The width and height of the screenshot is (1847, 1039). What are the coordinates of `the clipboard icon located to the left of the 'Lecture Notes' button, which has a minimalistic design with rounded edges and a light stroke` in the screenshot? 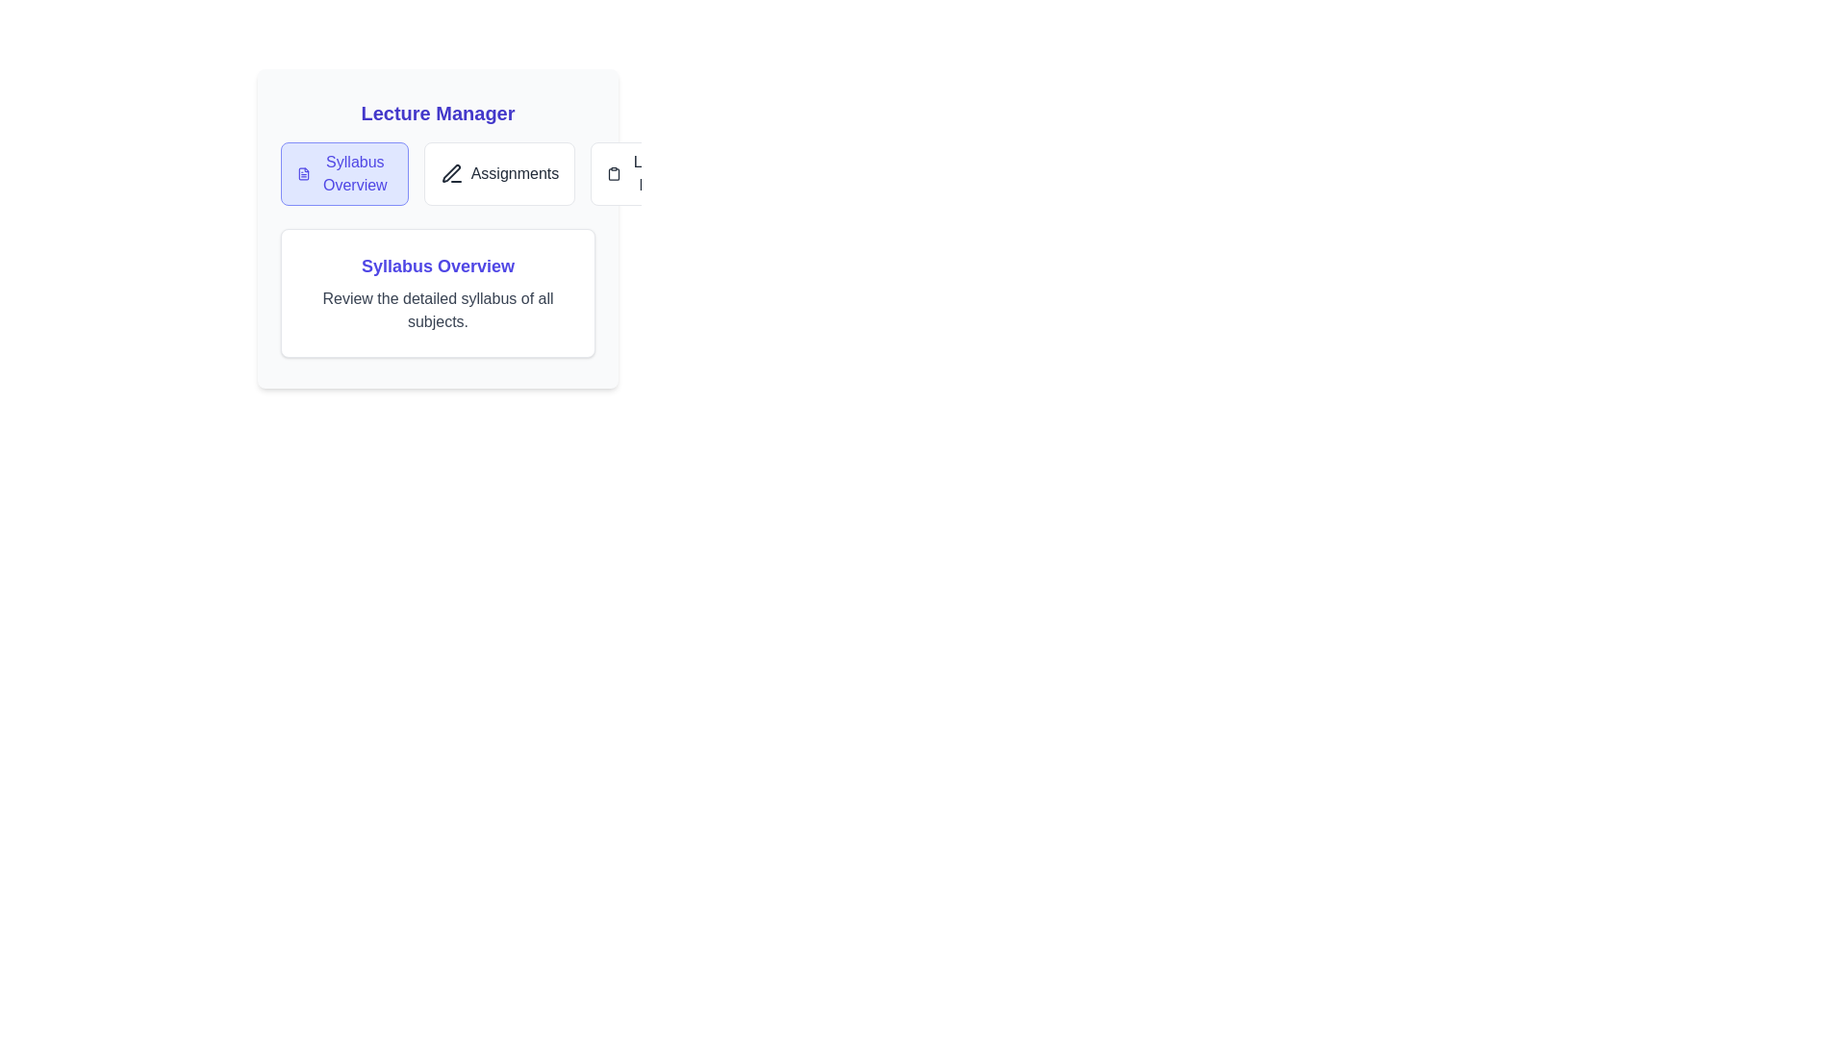 It's located at (613, 174).